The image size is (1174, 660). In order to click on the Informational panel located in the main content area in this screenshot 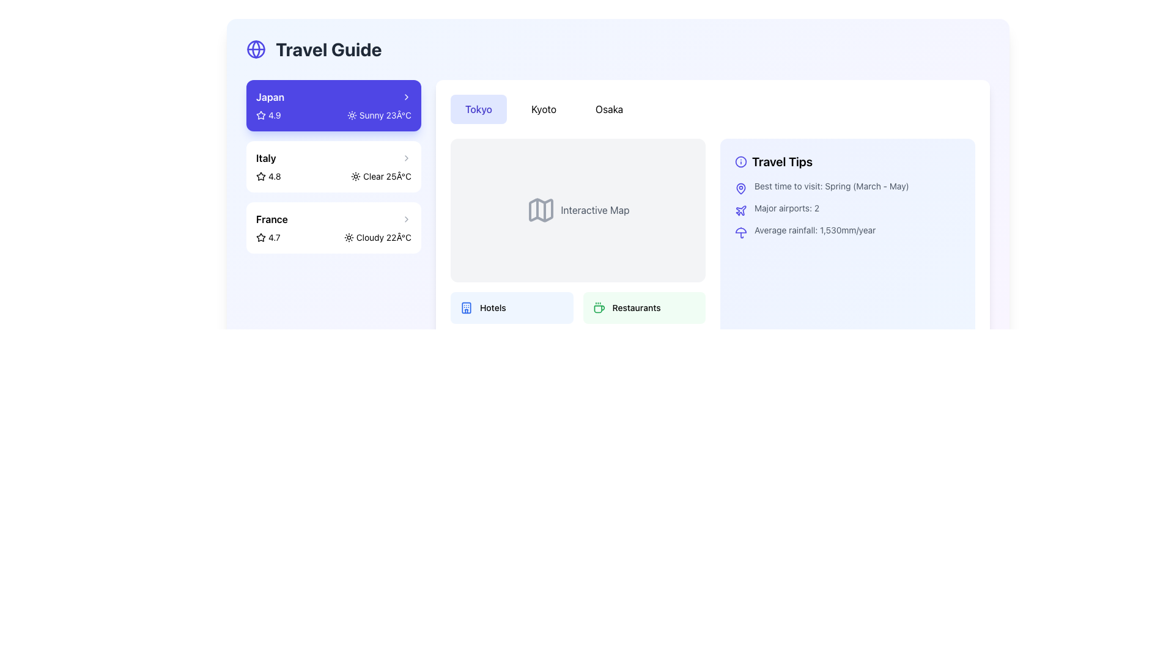, I will do `click(577, 251)`.